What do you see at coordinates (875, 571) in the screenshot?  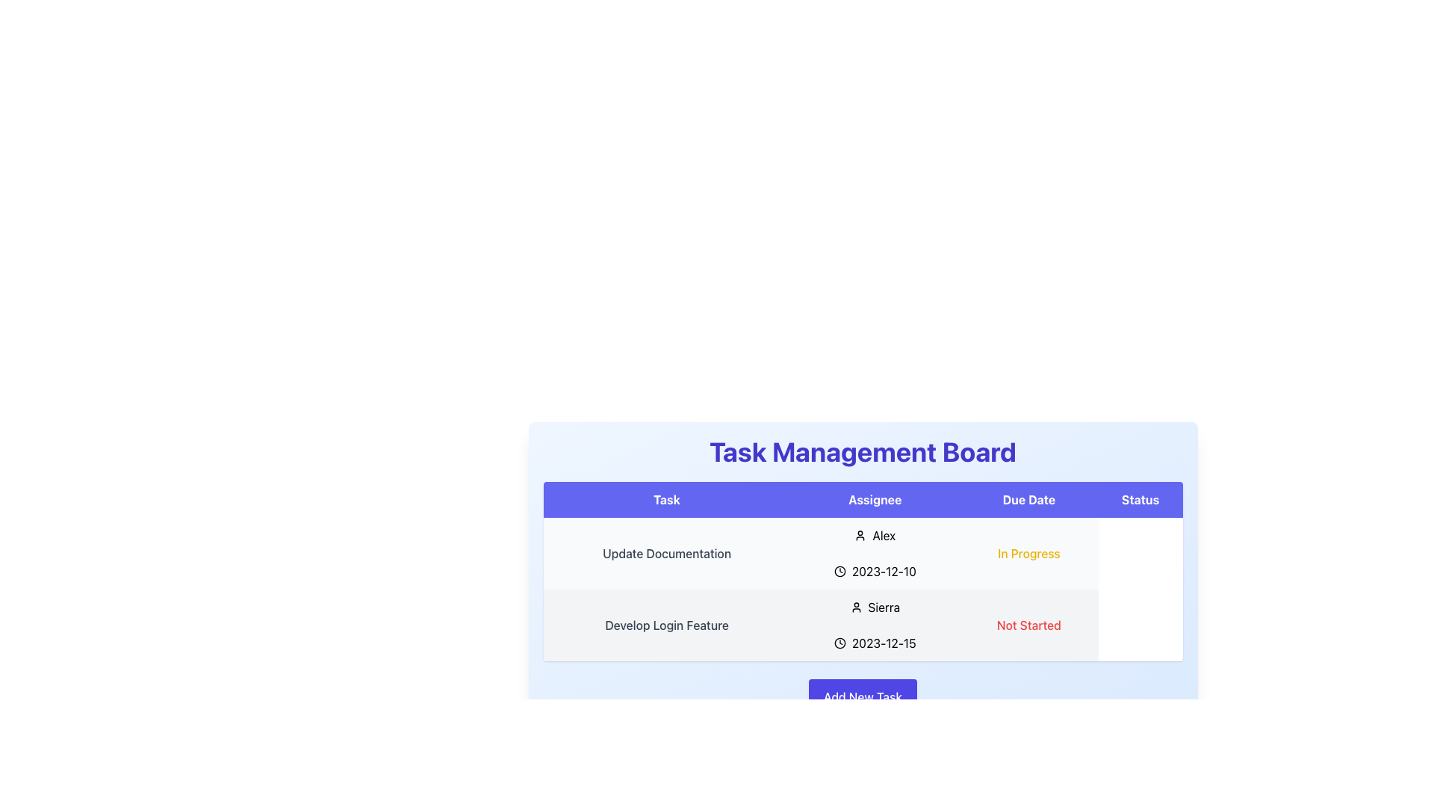 I see `the text displaying the due date for the task assigned to Alex, located in the third column under the 'Due Date' heading` at bounding box center [875, 571].